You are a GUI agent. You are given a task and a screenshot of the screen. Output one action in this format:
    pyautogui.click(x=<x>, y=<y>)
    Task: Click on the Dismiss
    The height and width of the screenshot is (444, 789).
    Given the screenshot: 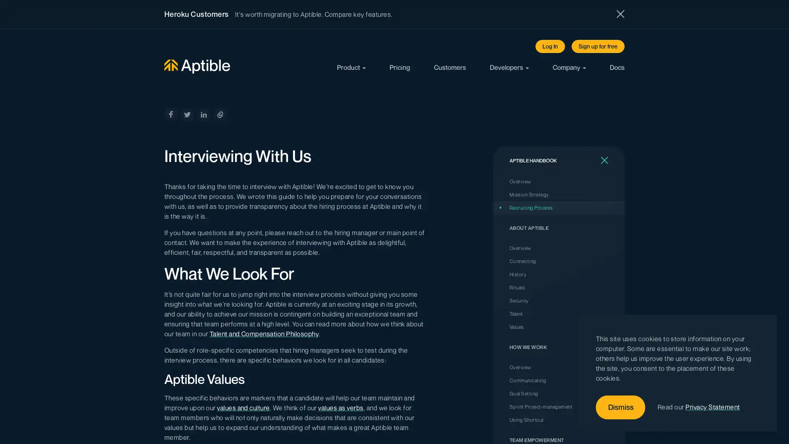 What is the action you would take?
    pyautogui.click(x=621, y=407)
    